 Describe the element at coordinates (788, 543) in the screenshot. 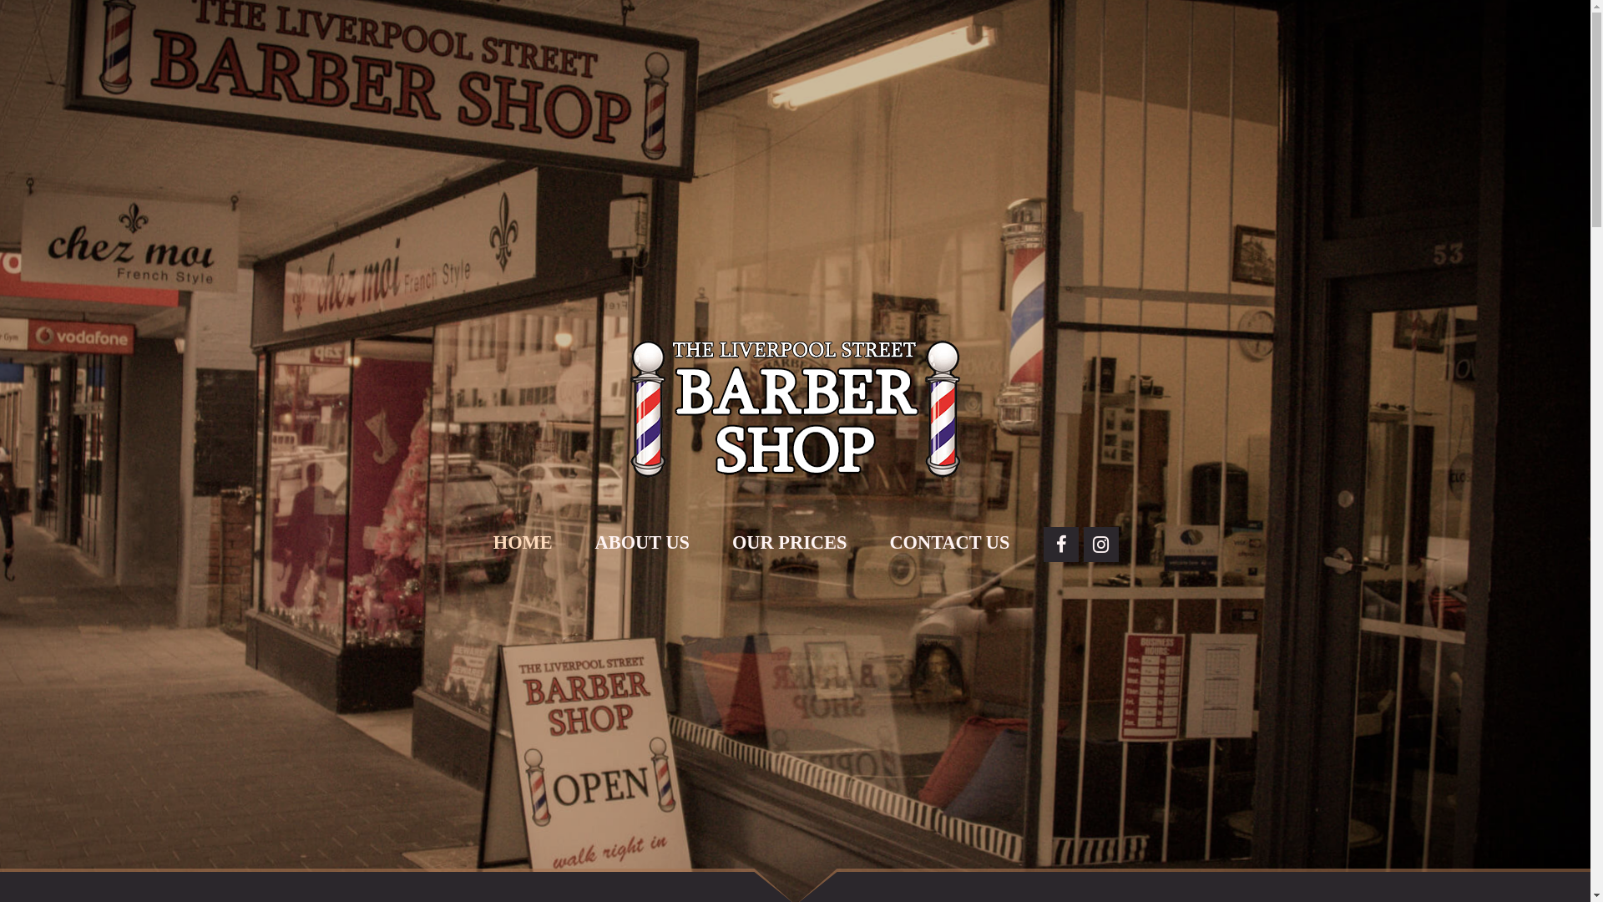

I see `'OUR PRICES'` at that location.